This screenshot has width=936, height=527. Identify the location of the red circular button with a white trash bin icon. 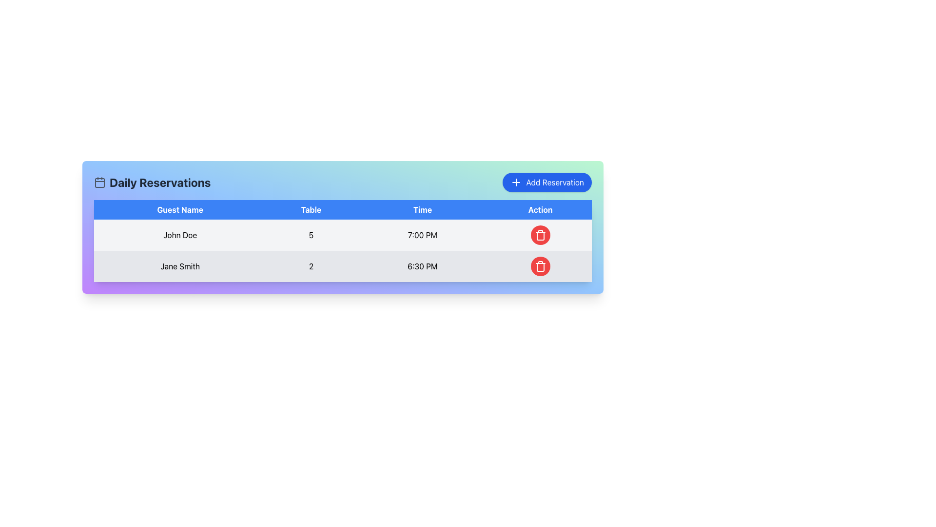
(540, 235).